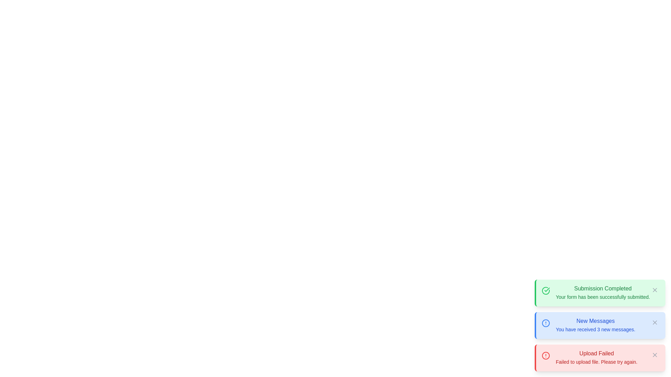  I want to click on the error notification banner indicating a file upload issue located in the bottom-most notification card at the lower right corner of the interface, so click(596, 358).